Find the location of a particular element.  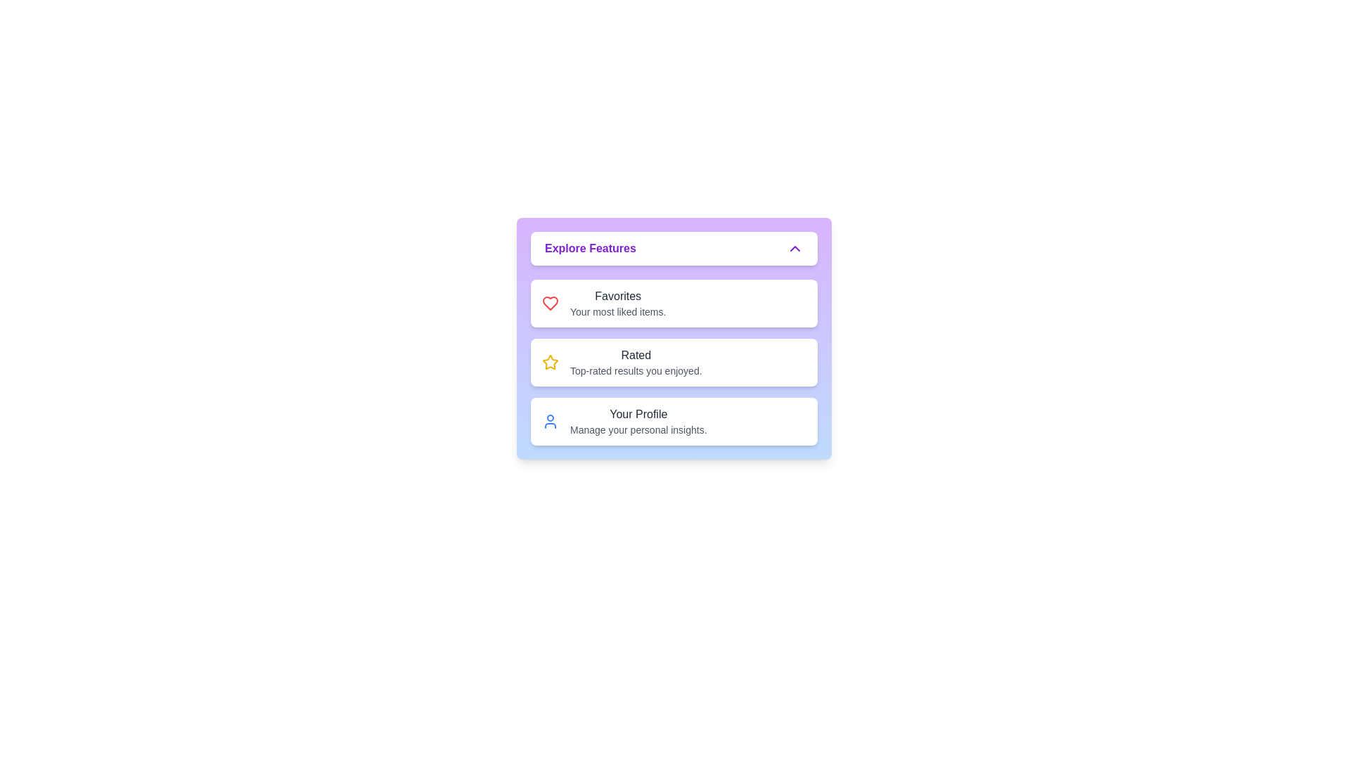

the 'Rated' label, which features bold text and a white rounded rectangle, located below the 'Favorites' section in the 'Explore Features' list is located at coordinates (635, 362).